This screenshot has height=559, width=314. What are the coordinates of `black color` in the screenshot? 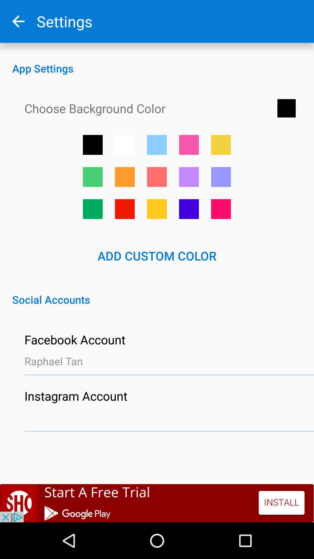 It's located at (92, 145).